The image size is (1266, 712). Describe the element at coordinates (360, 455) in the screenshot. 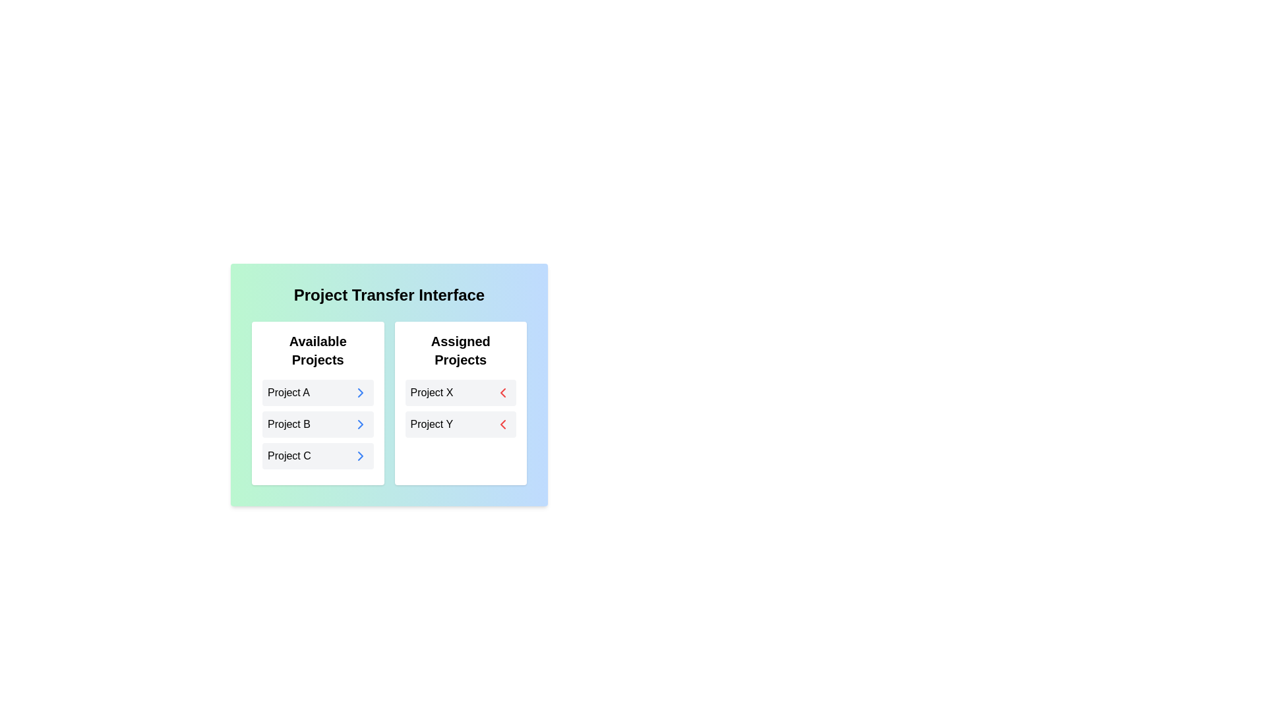

I see `the blue rightward arrow button next to the text 'Project C' to initiate an action` at that location.